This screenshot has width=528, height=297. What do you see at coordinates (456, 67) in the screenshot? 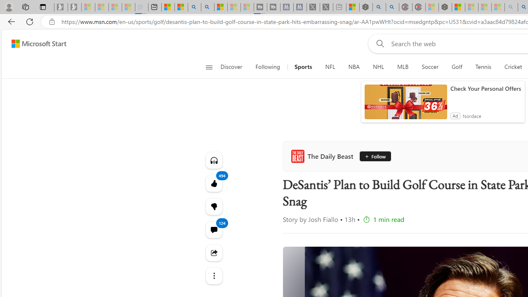
I see `'Golf'` at bounding box center [456, 67].